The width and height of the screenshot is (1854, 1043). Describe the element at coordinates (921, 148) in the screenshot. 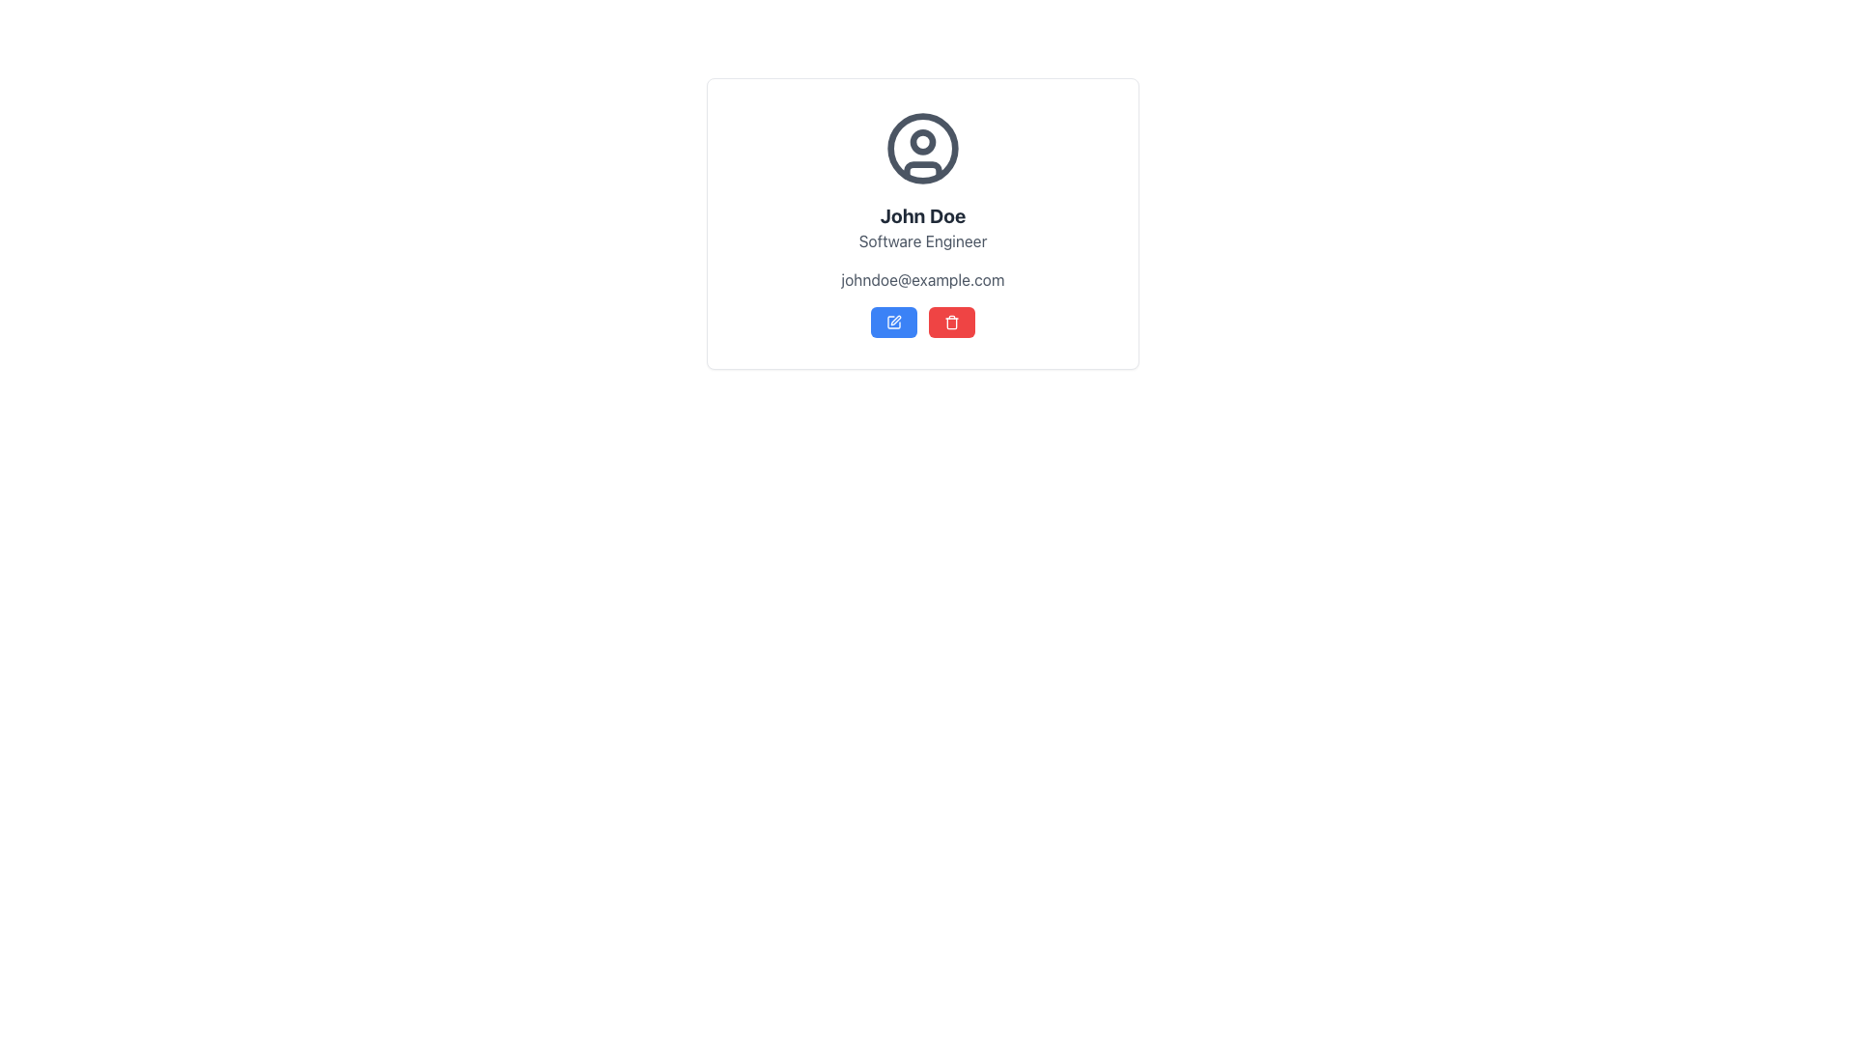

I see `the user's profile icon represented by the innermost SVG Circle located at the top of the user profile card` at that location.